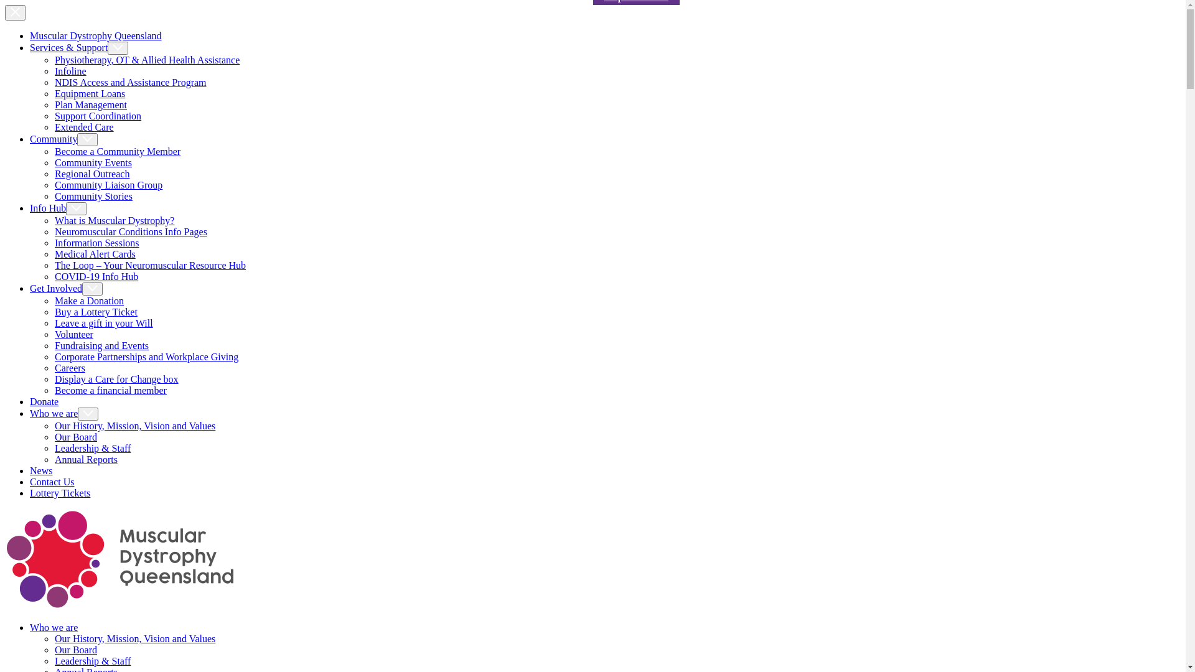 This screenshot has height=672, width=1195. Describe the element at coordinates (131, 82) in the screenshot. I see `'NDIS Access and Assistance Program'` at that location.